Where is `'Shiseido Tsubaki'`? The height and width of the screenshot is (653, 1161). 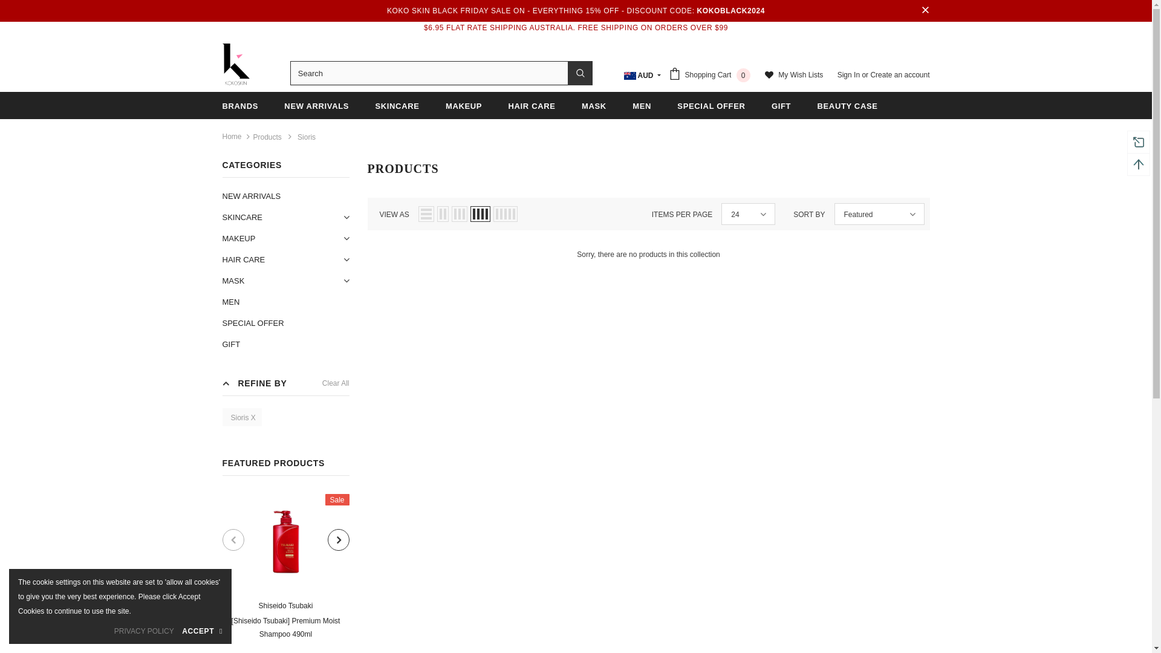
'Shiseido Tsubaki' is located at coordinates (258, 606).